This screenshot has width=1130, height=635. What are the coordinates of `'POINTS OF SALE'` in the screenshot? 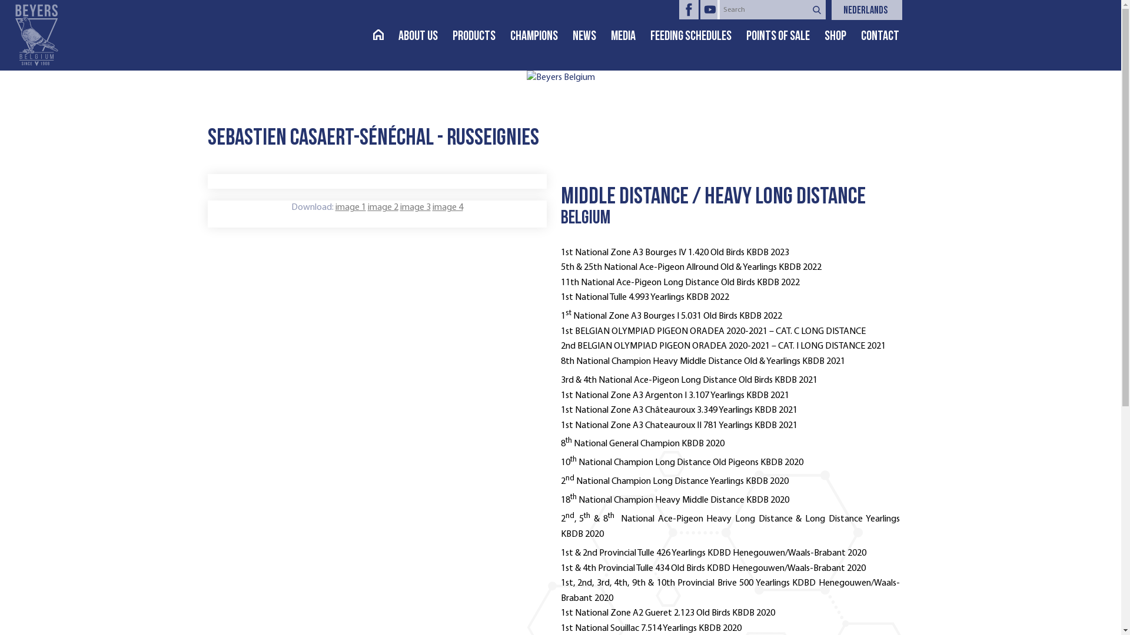 It's located at (785, 36).